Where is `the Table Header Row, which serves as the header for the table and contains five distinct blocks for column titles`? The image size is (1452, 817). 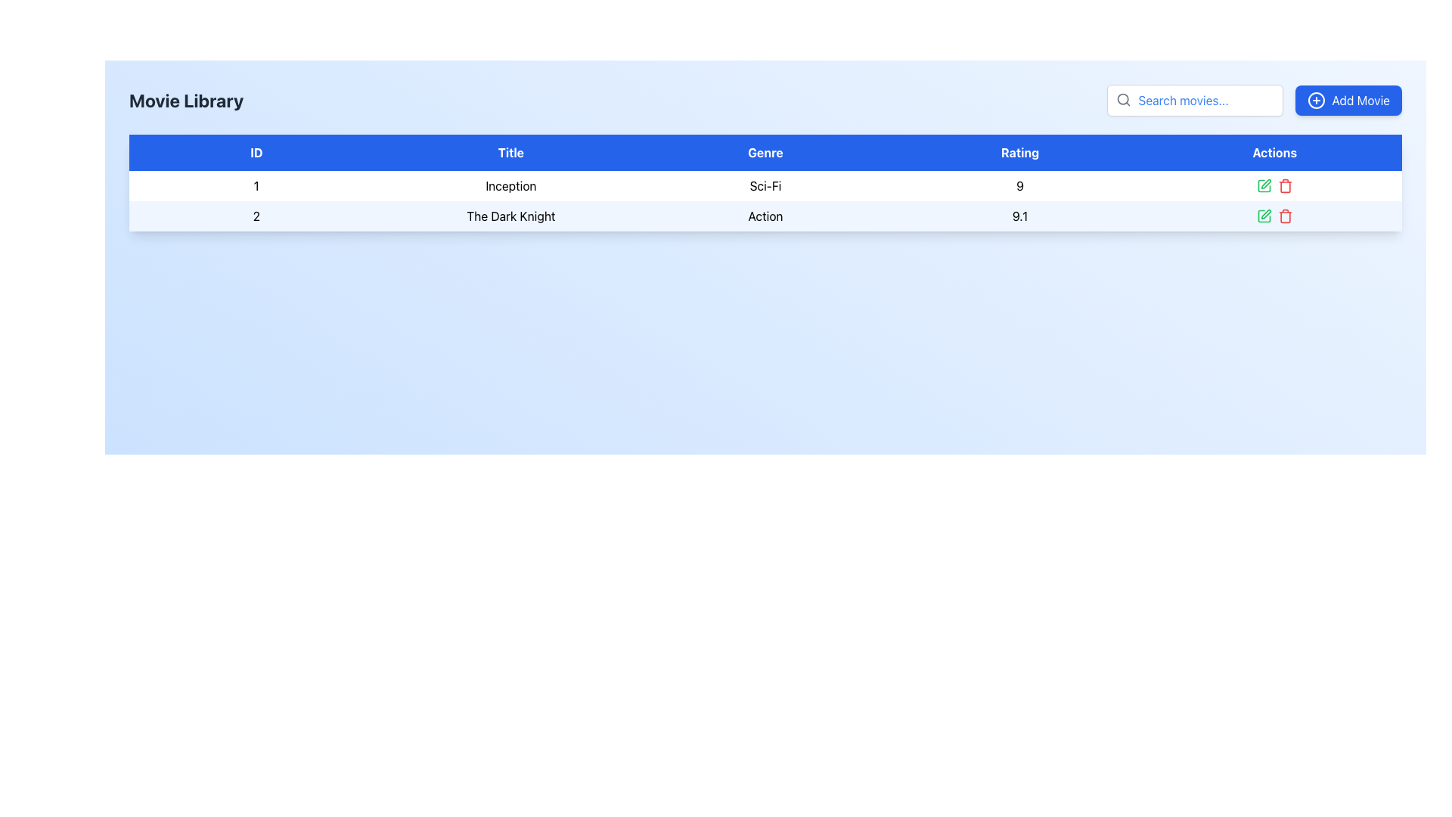
the Table Header Row, which serves as the header for the table and contains five distinct blocks for column titles is located at coordinates (765, 152).